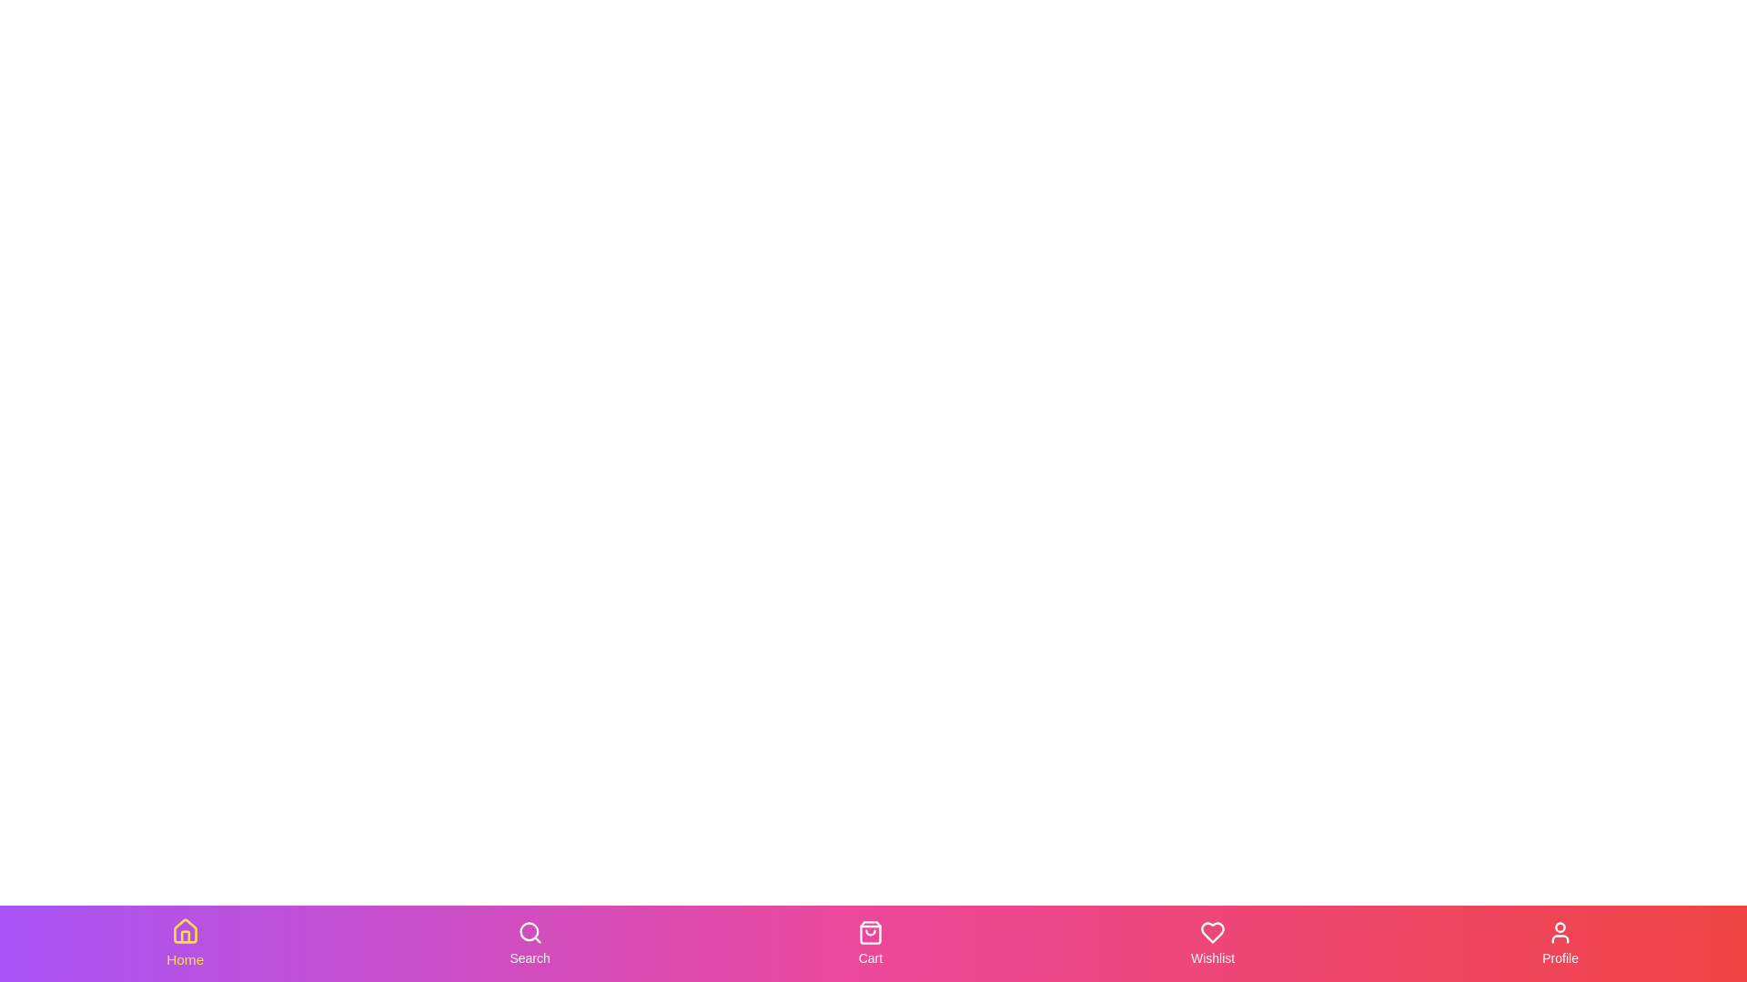 The image size is (1747, 982). Describe the element at coordinates (184, 942) in the screenshot. I see `the Home tab in the bottom navigation bar` at that location.